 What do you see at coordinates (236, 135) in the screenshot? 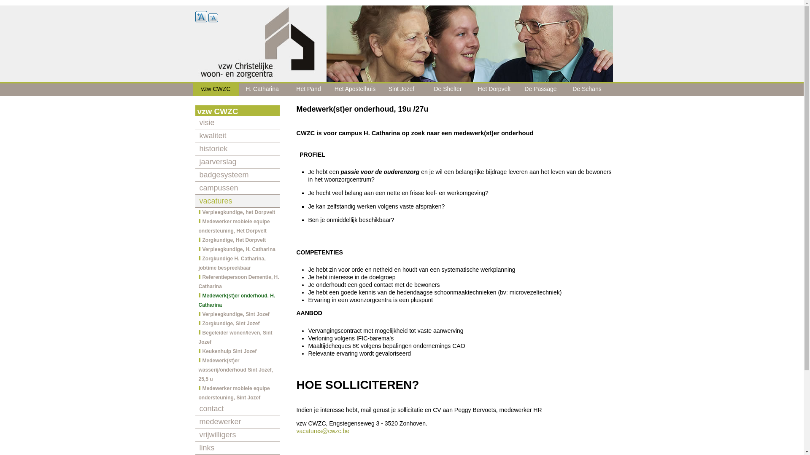
I see `'kwaliteit'` at bounding box center [236, 135].